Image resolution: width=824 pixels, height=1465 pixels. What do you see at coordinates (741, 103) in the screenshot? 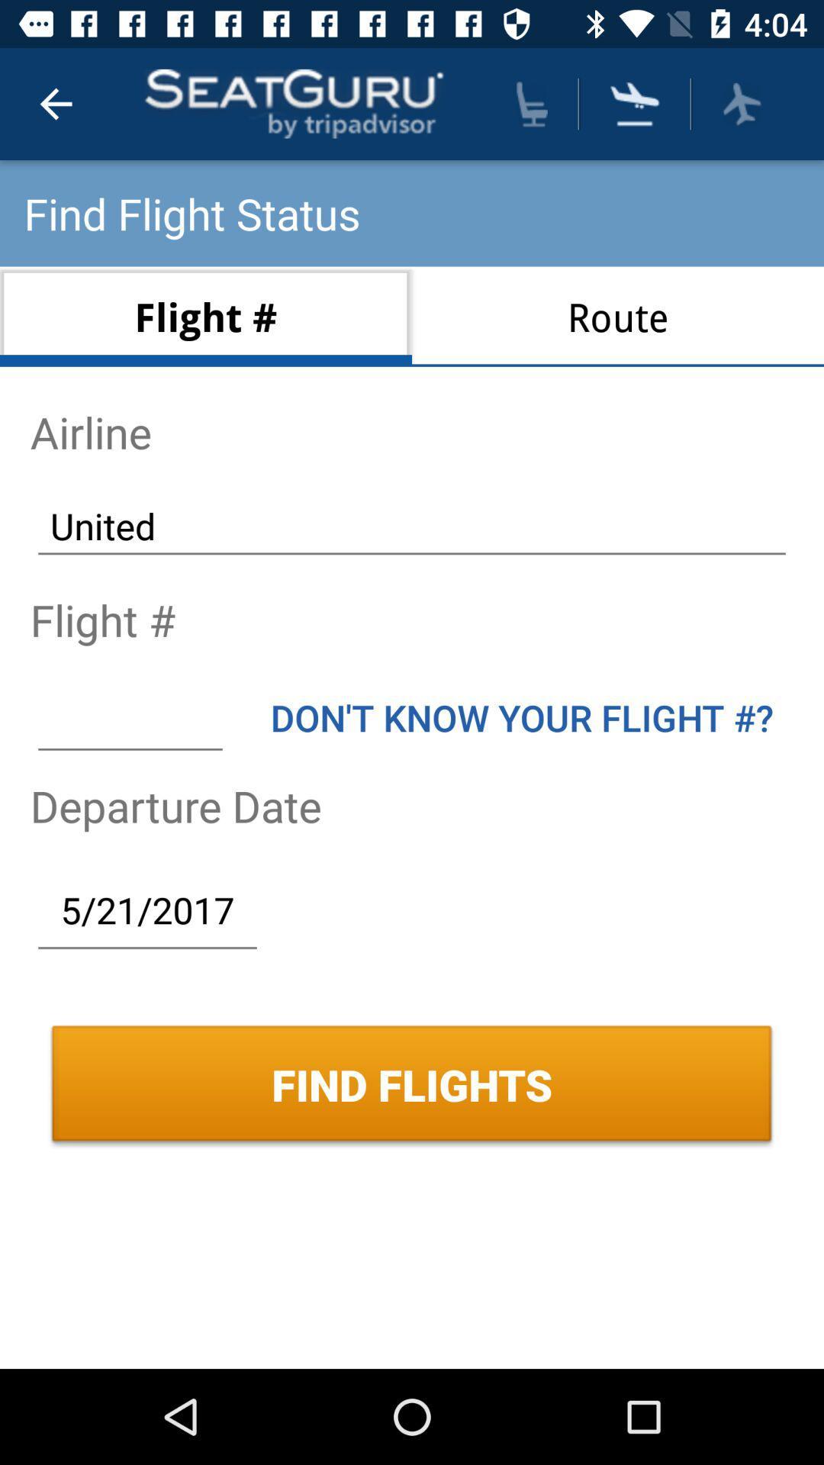
I see `on the go` at bounding box center [741, 103].